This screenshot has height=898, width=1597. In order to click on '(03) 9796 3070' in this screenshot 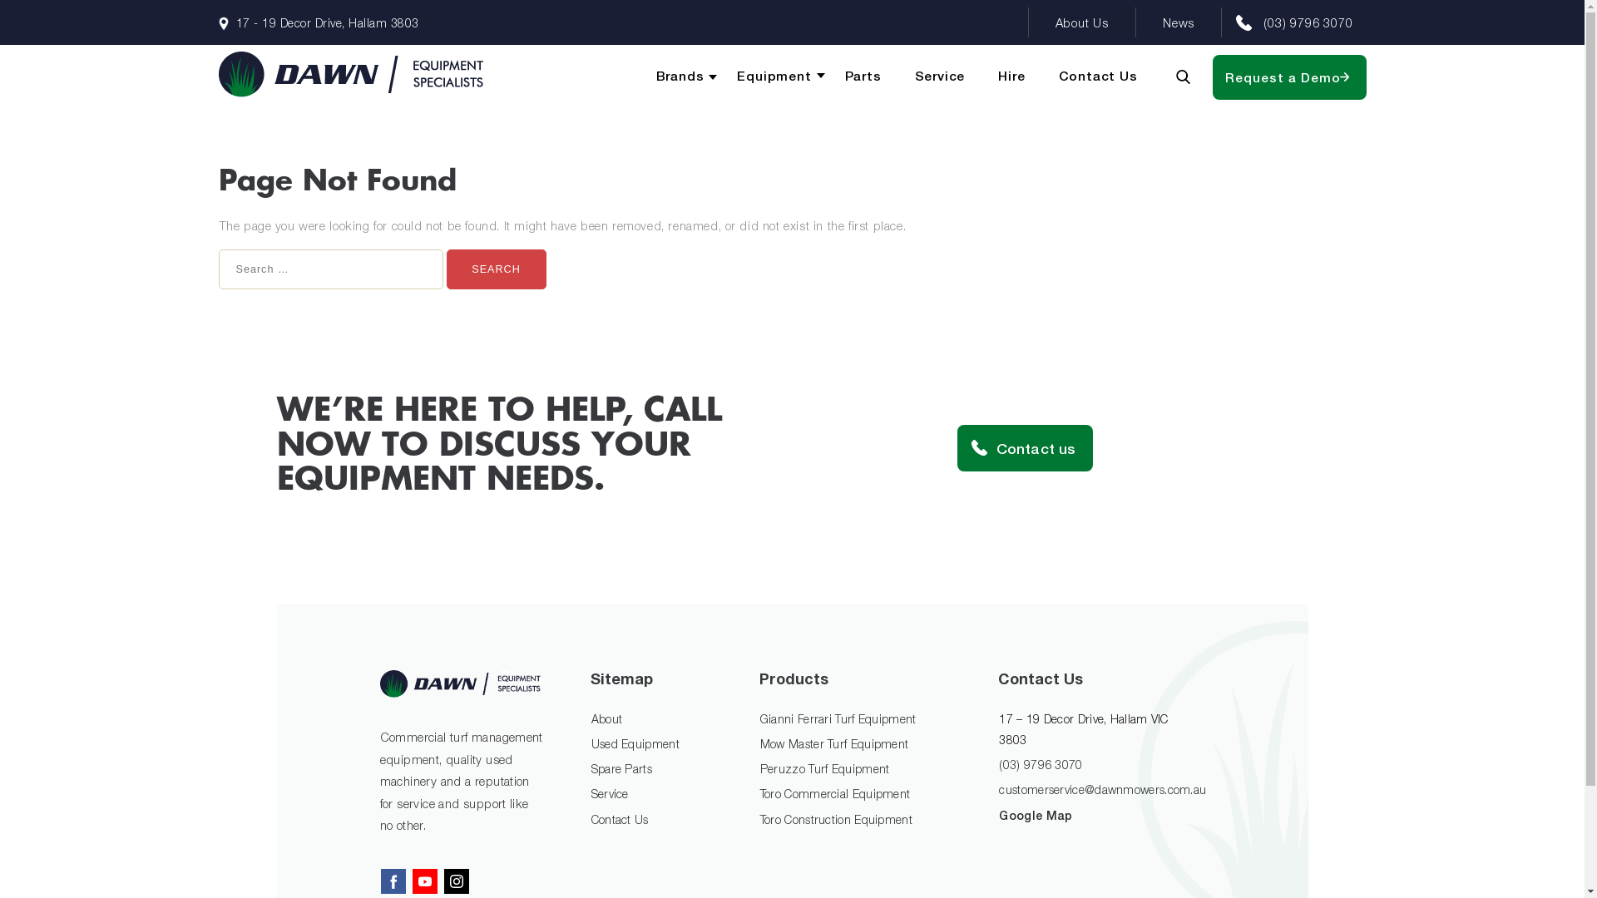, I will do `click(1307, 22)`.